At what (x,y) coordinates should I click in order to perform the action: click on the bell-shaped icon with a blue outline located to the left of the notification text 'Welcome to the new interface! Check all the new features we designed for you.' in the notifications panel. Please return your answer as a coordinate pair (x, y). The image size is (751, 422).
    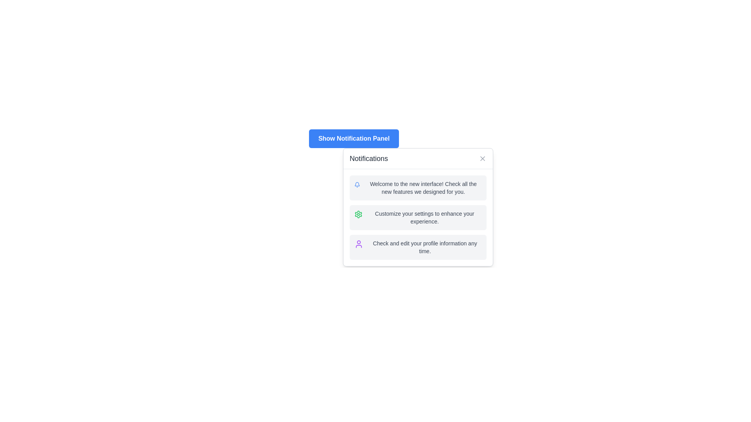
    Looking at the image, I should click on (357, 185).